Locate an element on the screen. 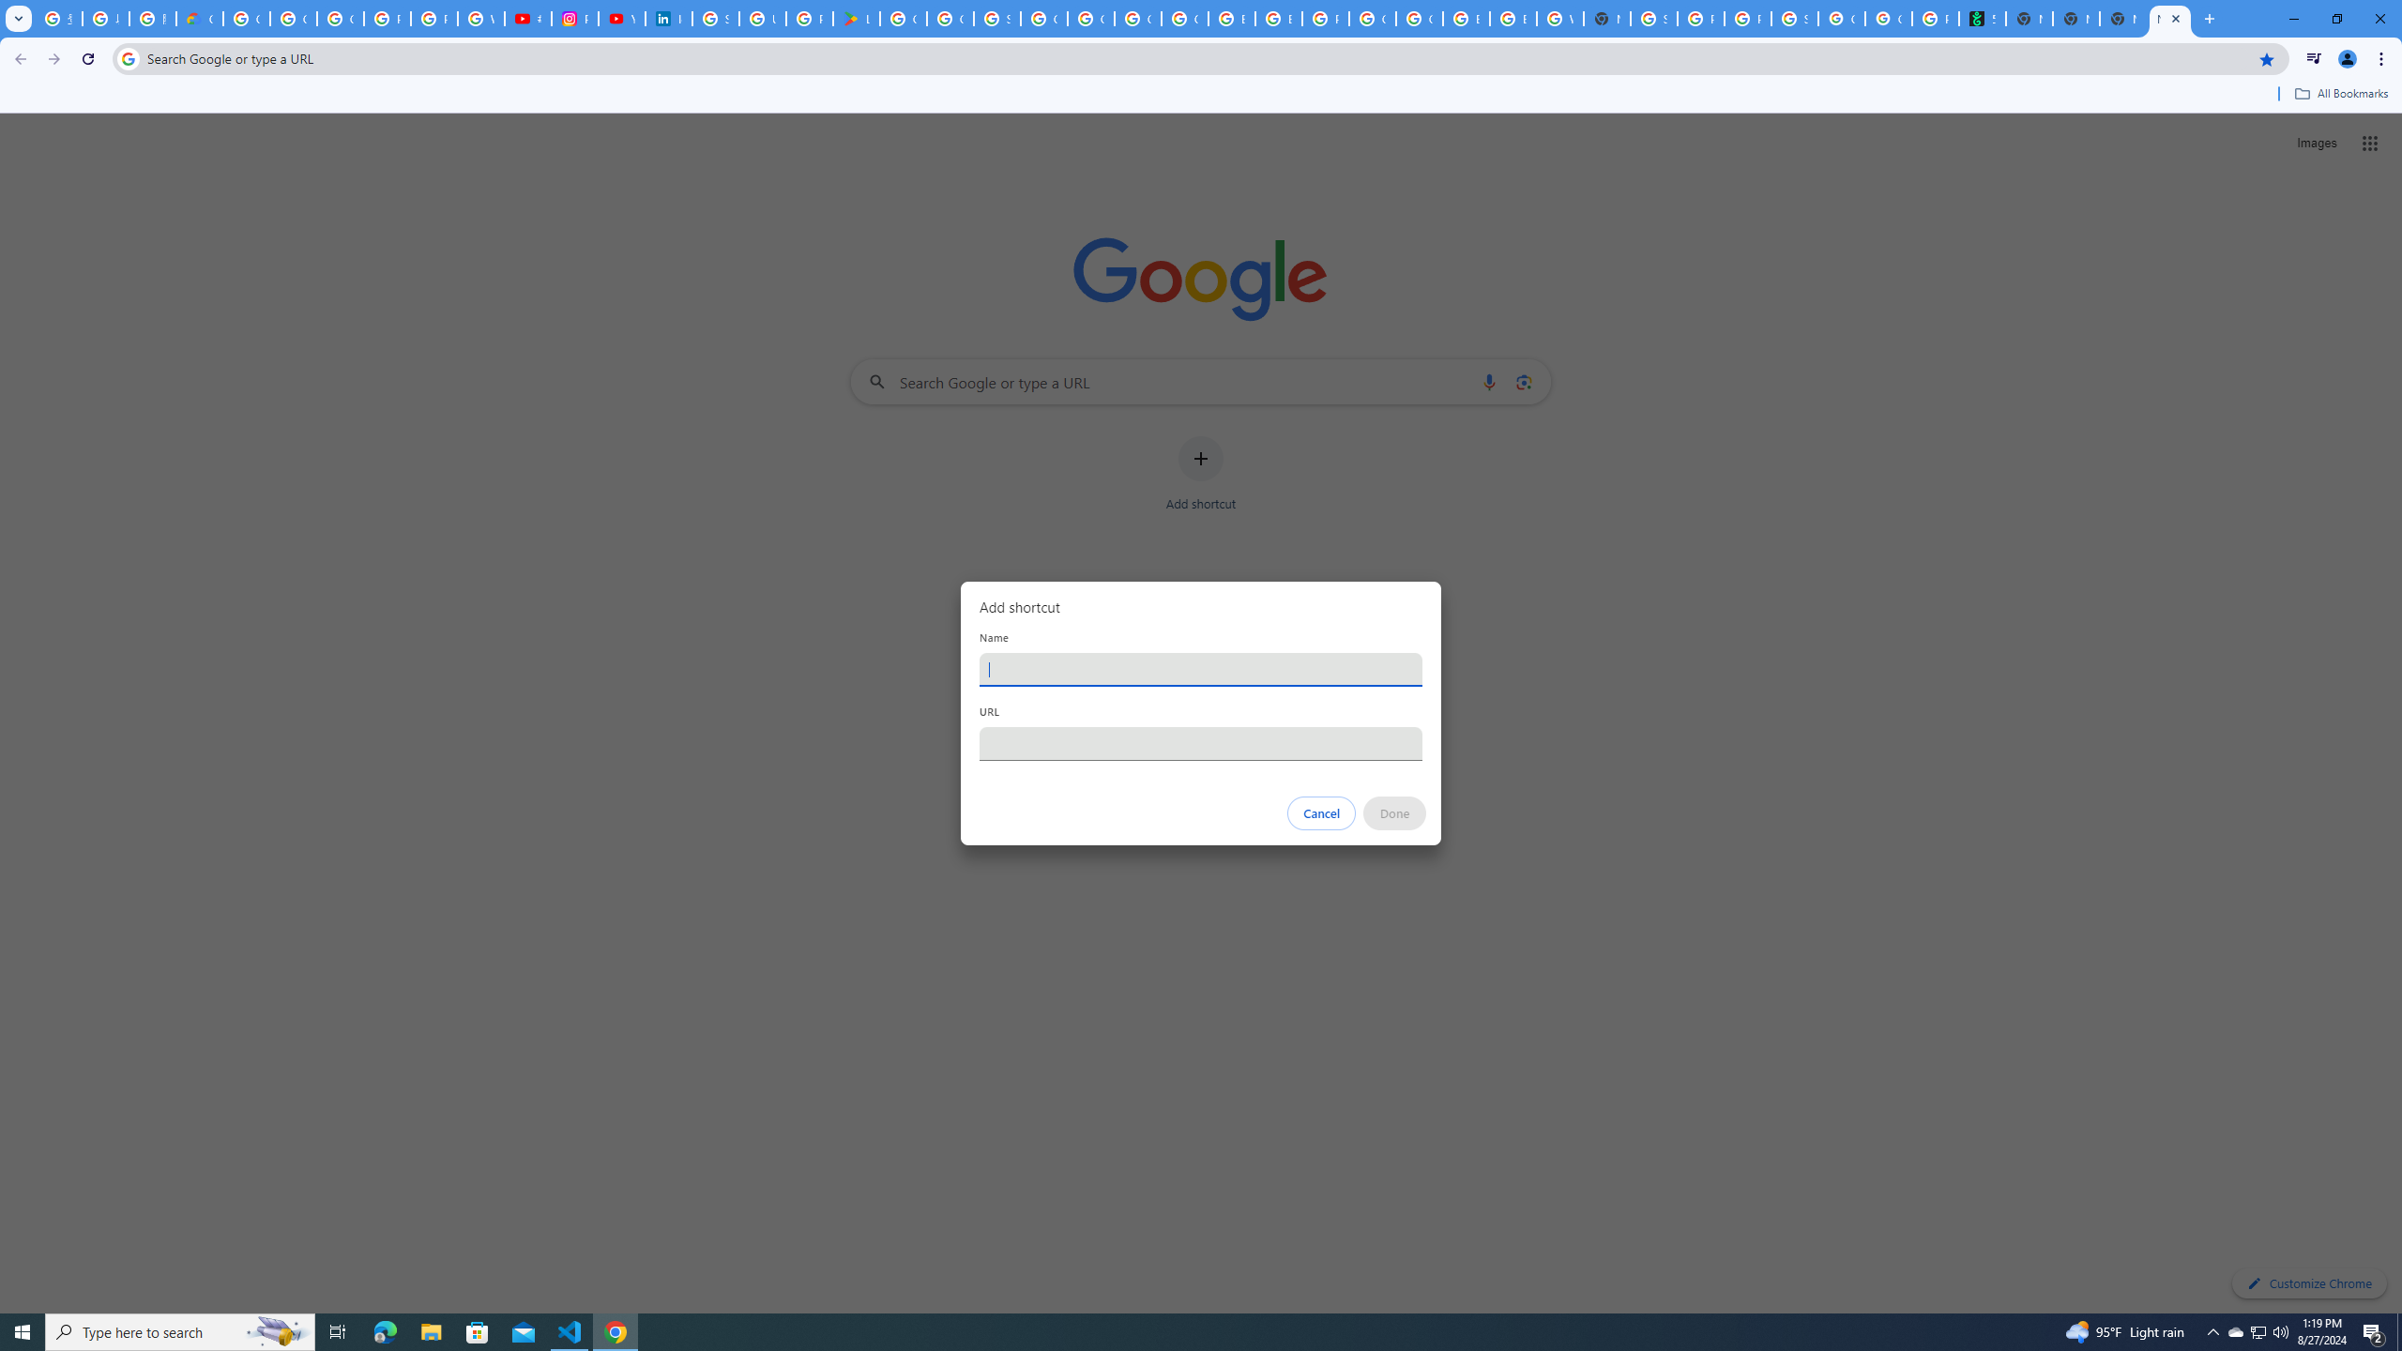 This screenshot has height=1351, width=2402. 'New Tab' is located at coordinates (2076, 18).